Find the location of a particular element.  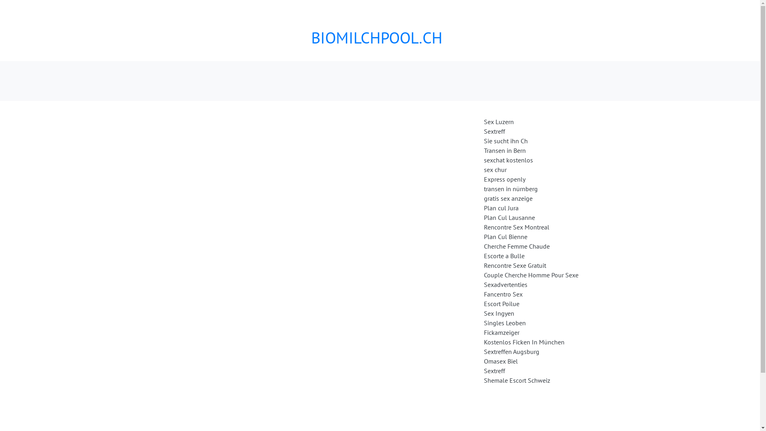

'gratis sex anzeige' is located at coordinates (507, 198).